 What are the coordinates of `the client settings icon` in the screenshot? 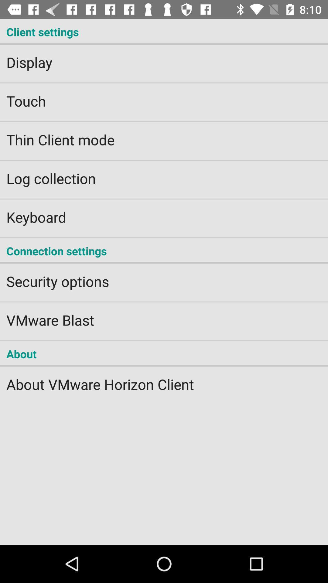 It's located at (164, 32).